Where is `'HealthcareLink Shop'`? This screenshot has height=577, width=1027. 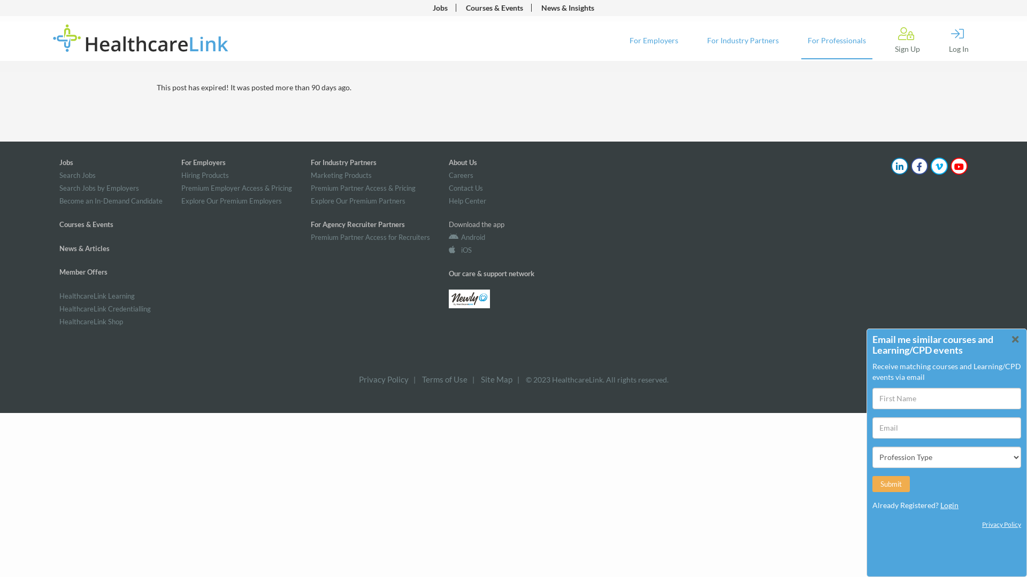
'HealthcareLink Shop' is located at coordinates (58, 321).